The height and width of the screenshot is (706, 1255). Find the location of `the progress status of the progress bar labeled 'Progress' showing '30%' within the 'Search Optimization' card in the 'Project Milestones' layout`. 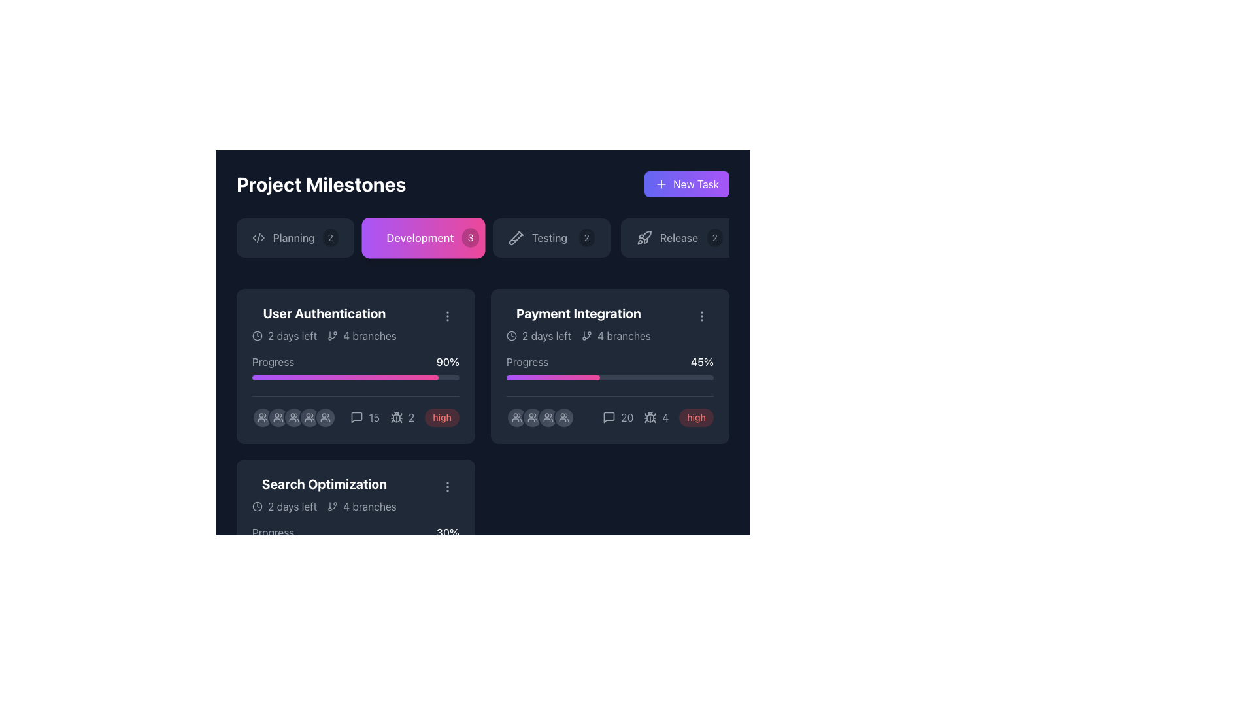

the progress status of the progress bar labeled 'Progress' showing '30%' within the 'Search Optimization' card in the 'Project Milestones' layout is located at coordinates (356, 537).